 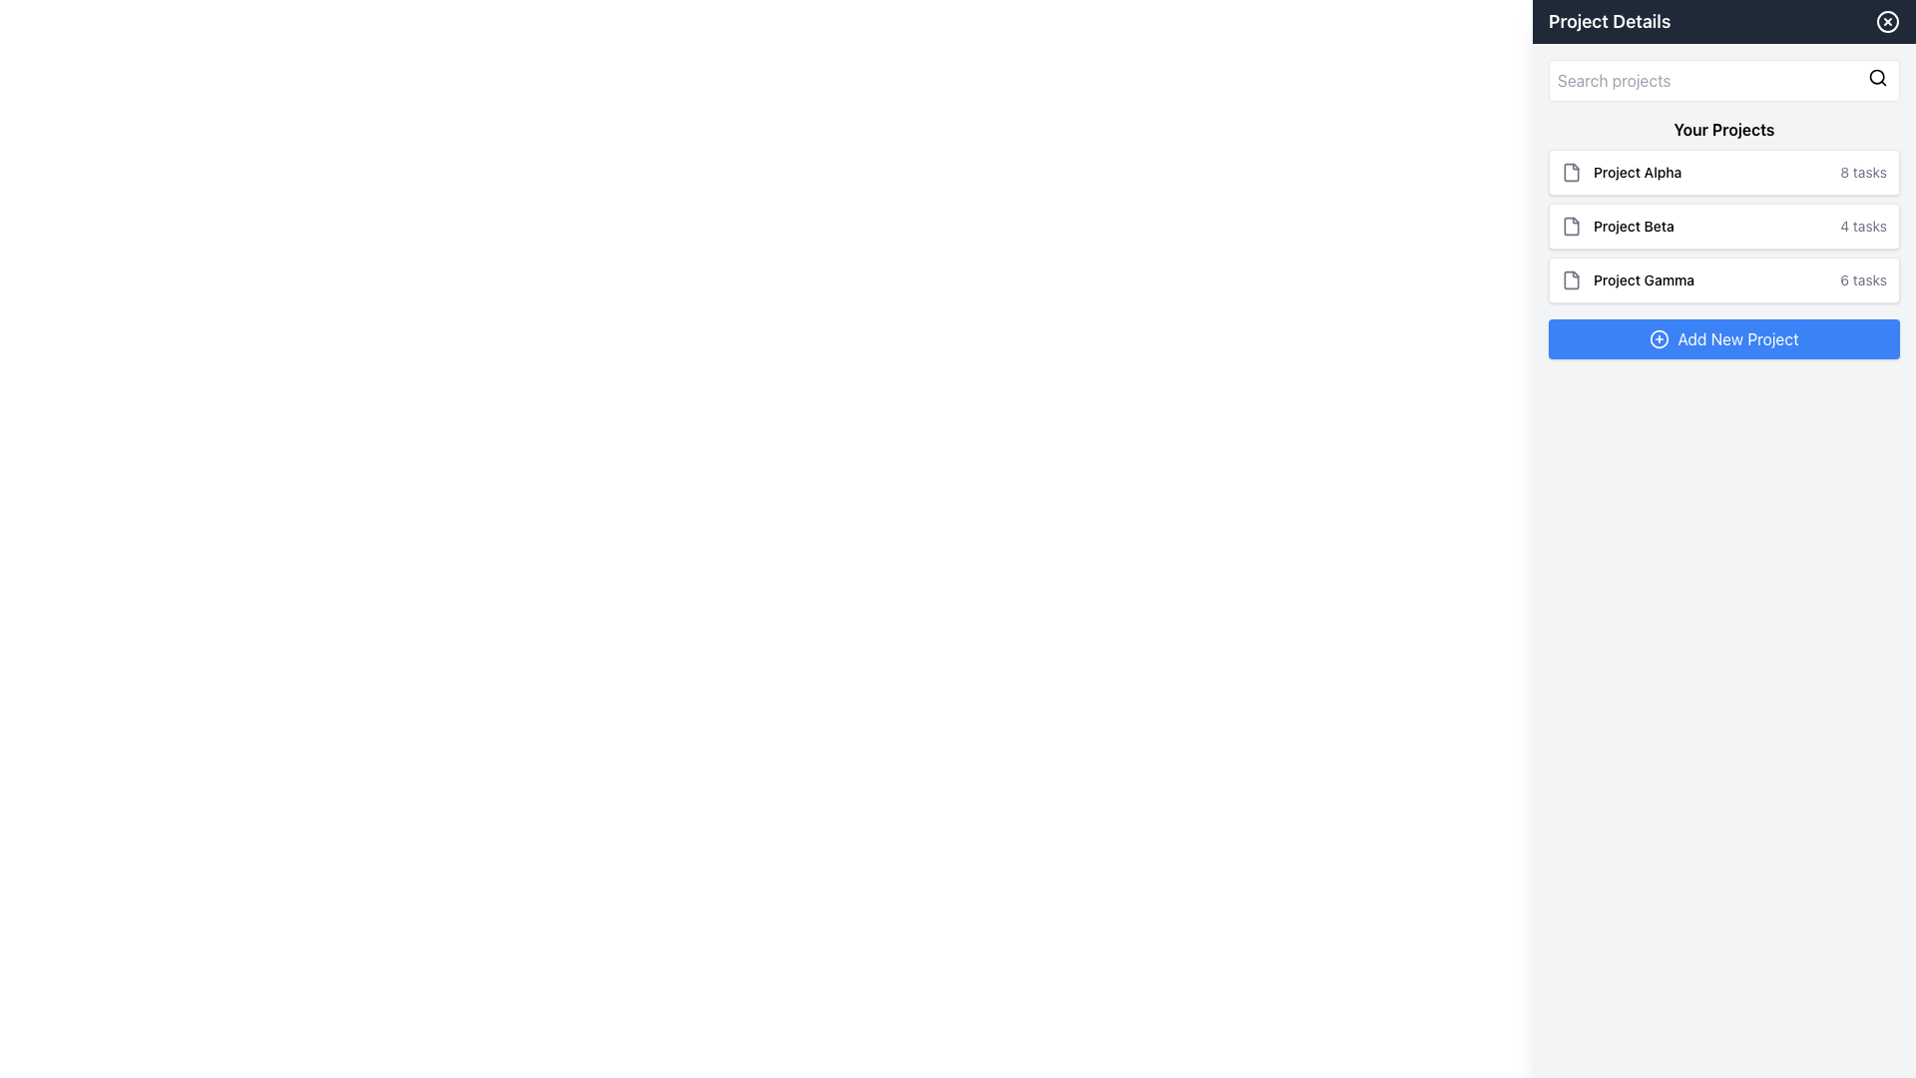 What do you see at coordinates (1634, 226) in the screenshot?
I see `the text label displaying 'Project Beta' located in the central right panel under 'Your Projects', which is the second item in the list` at bounding box center [1634, 226].